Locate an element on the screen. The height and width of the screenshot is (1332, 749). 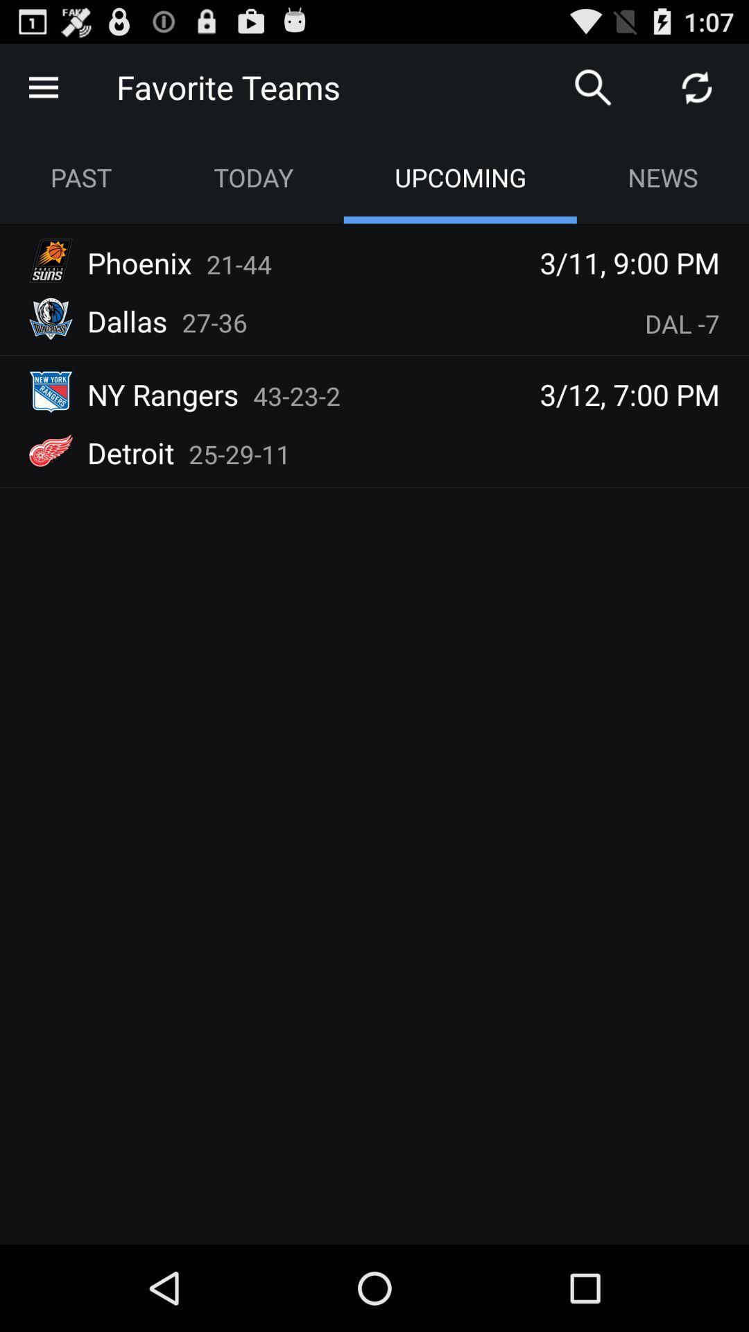
menu button is located at coordinates (42, 86).